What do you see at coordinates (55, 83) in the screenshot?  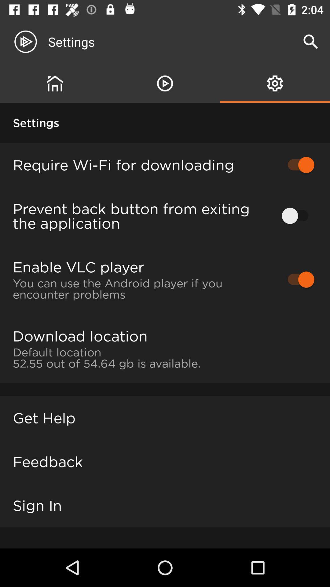 I see `icon above settings icon` at bounding box center [55, 83].